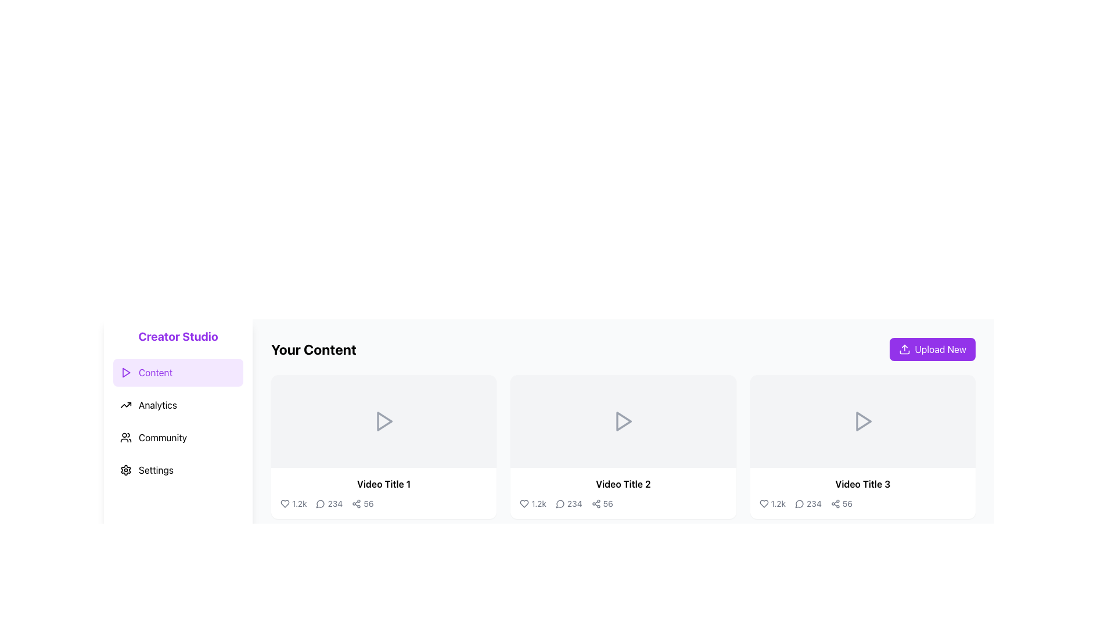 This screenshot has height=627, width=1115. Describe the element at coordinates (624, 421) in the screenshot. I see `the triangular-shaped gray icon with a pointed right arrow located at the center of the second video card under the 'Your Content' heading to initiate its action` at that location.